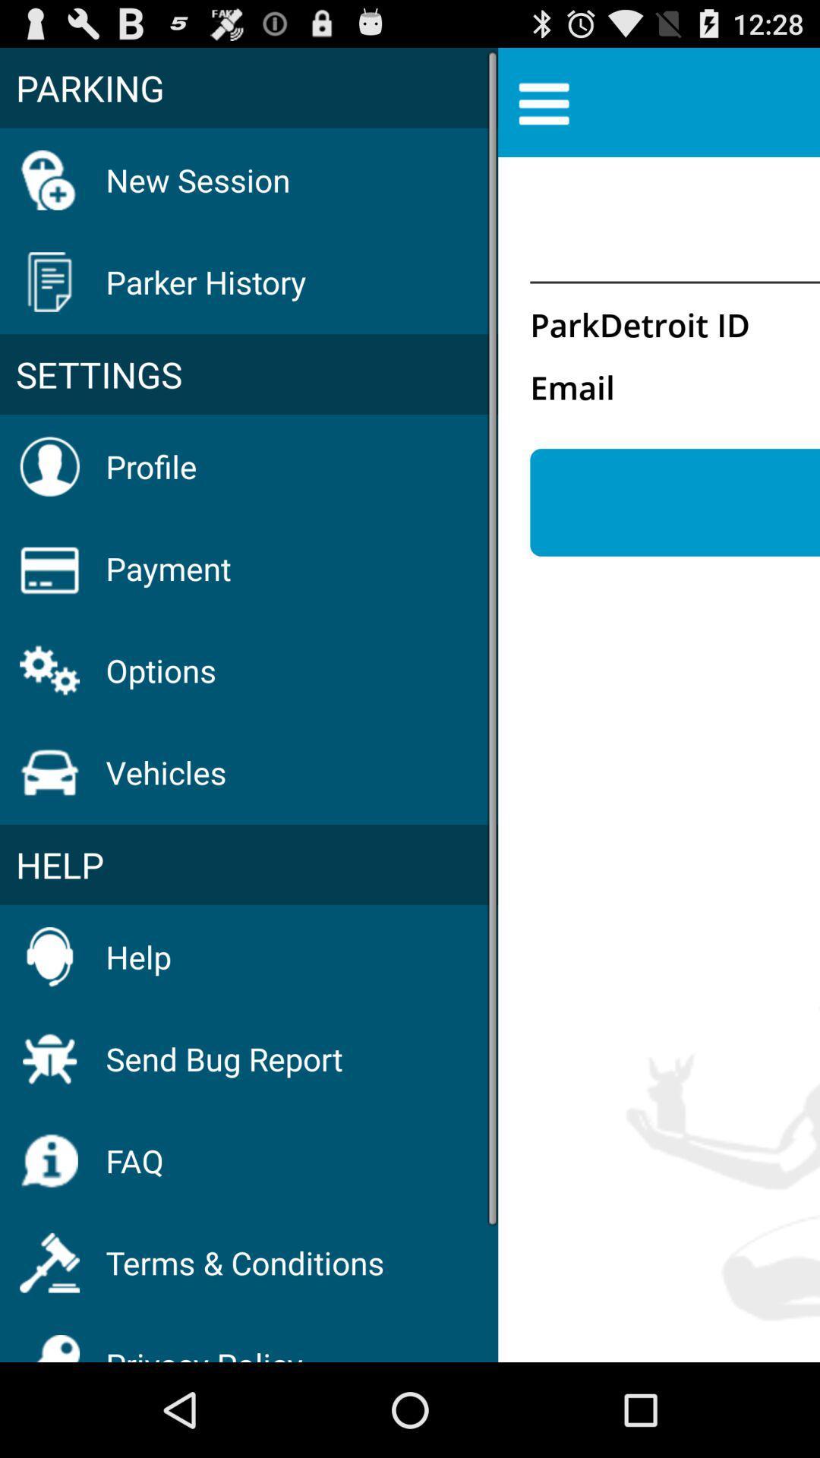 This screenshot has height=1458, width=820. I want to click on icon above parker history, so click(197, 179).